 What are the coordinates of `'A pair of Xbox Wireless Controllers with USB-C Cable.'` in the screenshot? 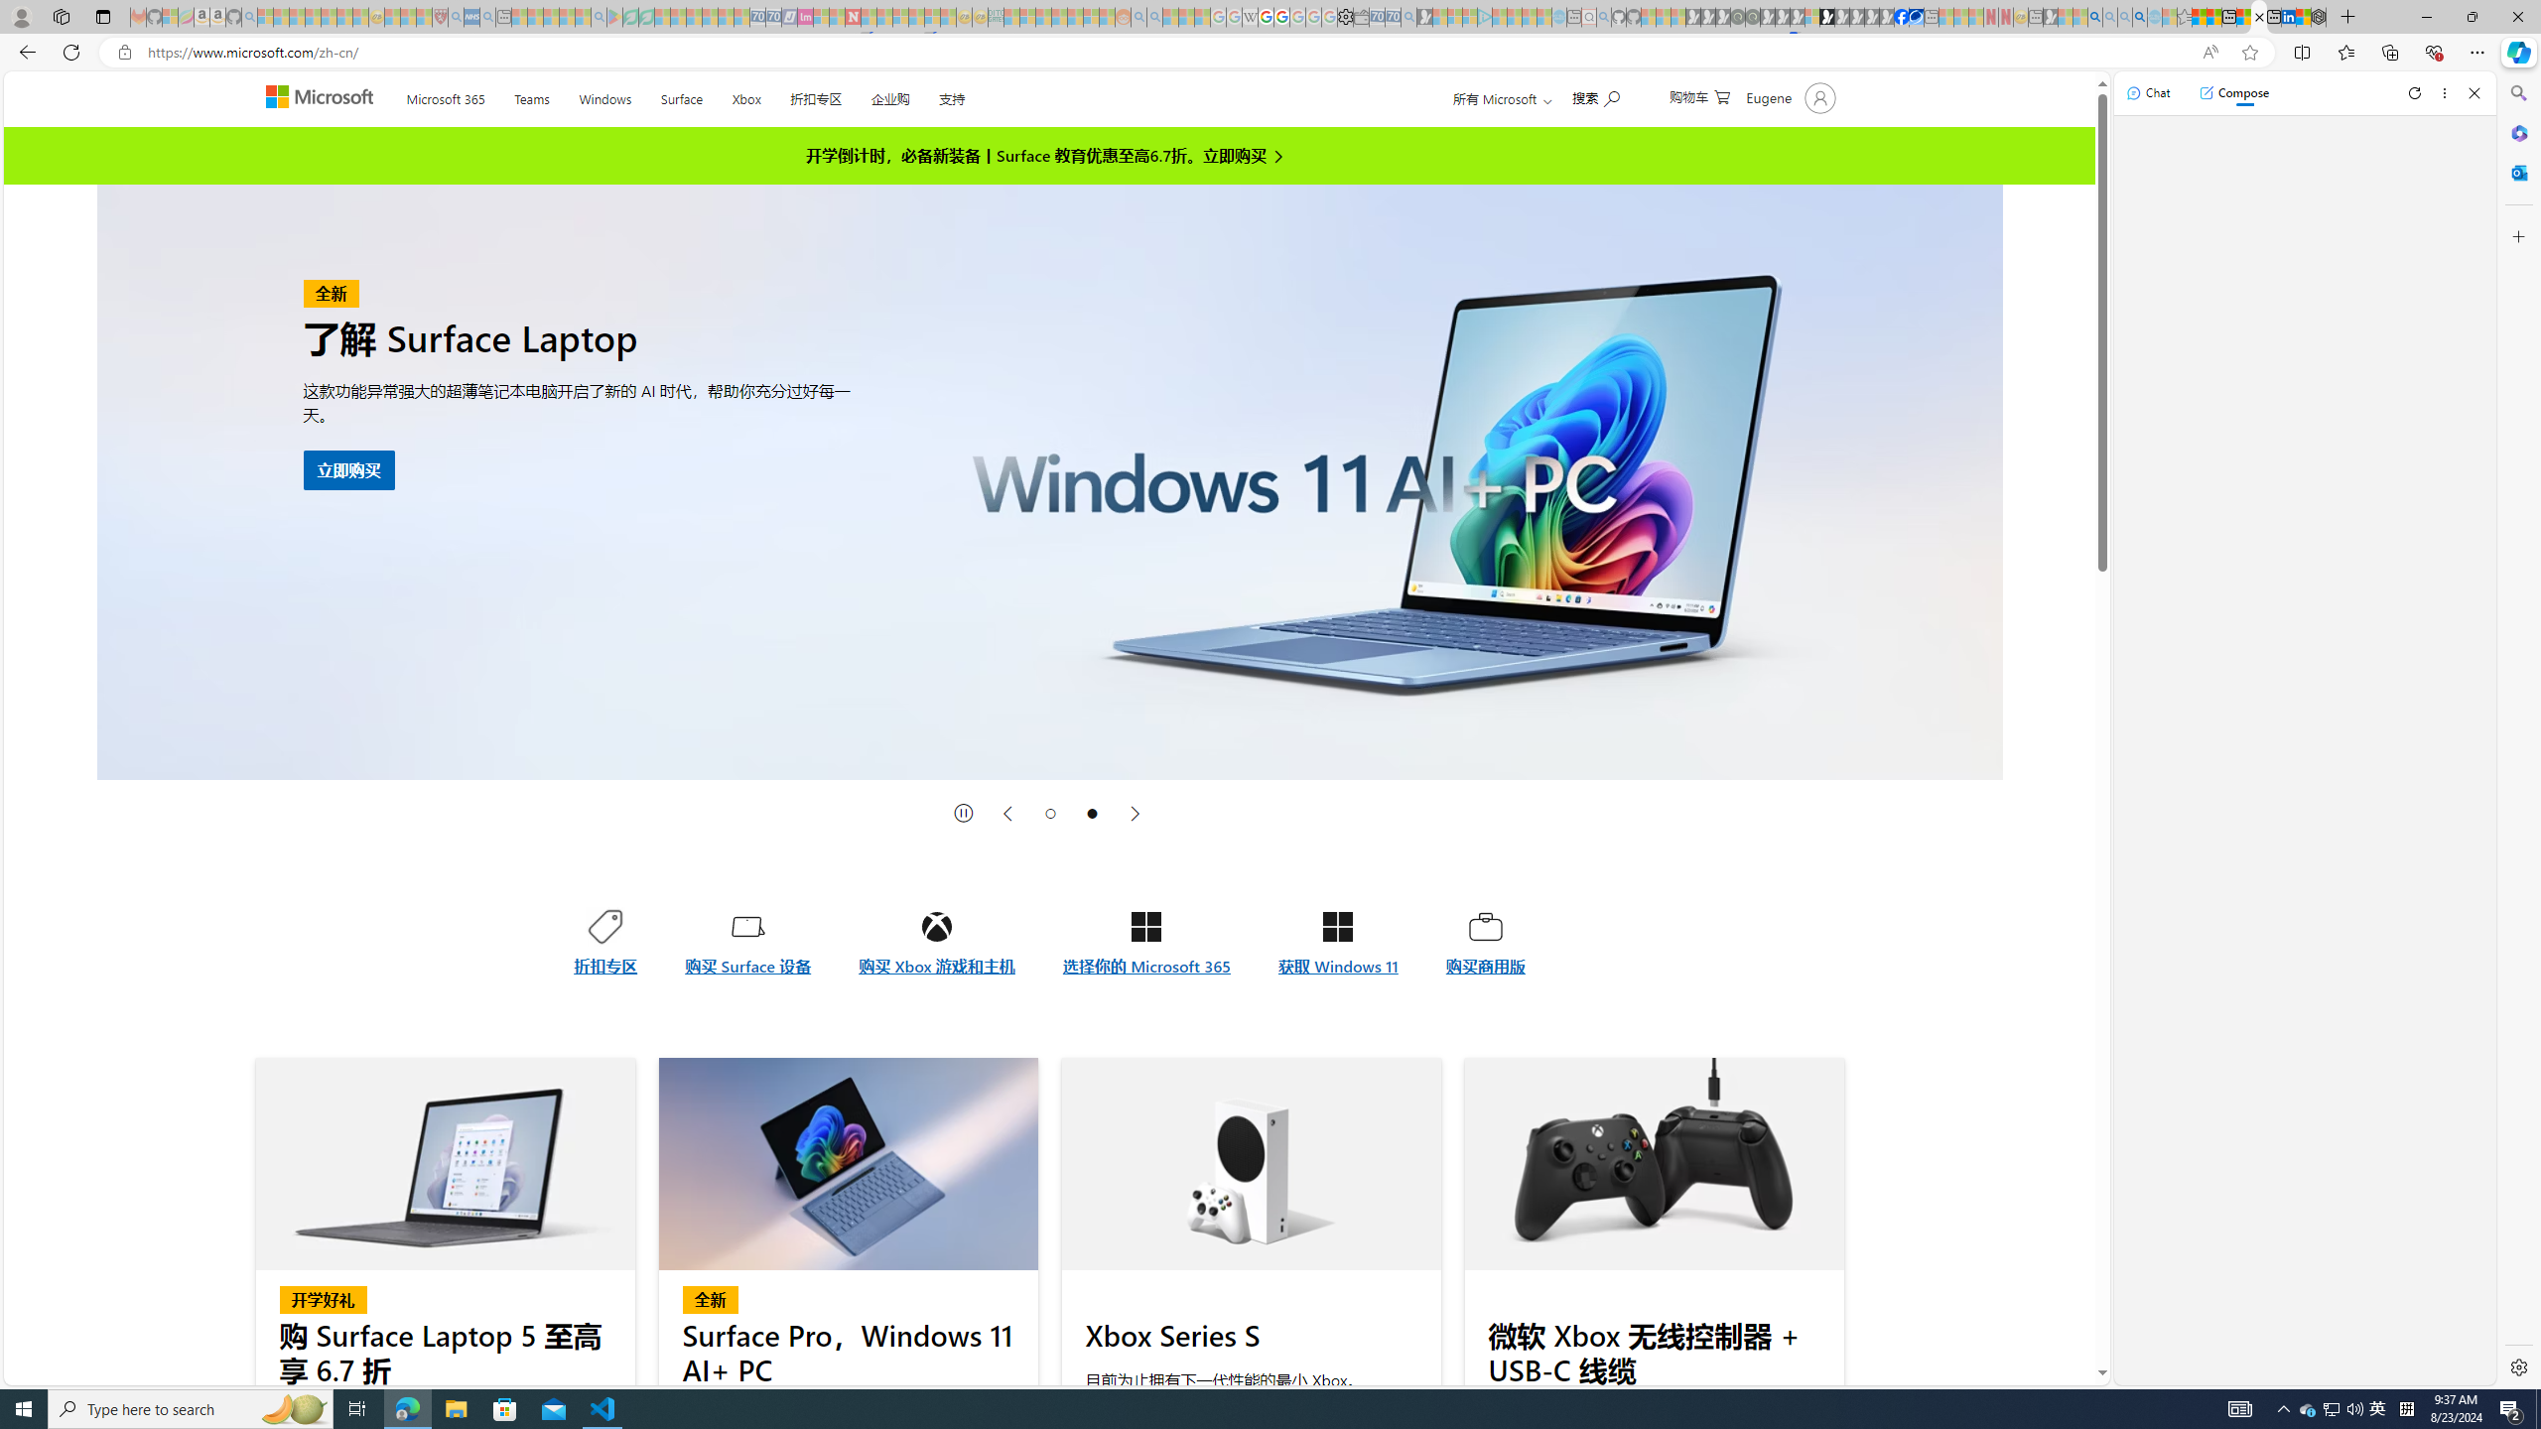 It's located at (1654, 1163).